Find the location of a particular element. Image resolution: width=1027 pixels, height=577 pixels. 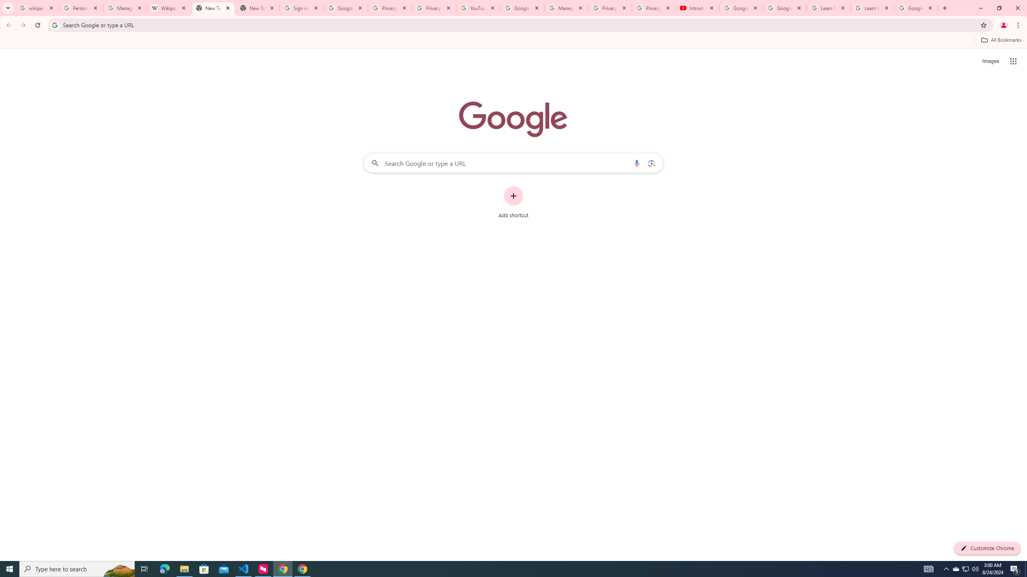

'Google Account Help' is located at coordinates (741, 8).